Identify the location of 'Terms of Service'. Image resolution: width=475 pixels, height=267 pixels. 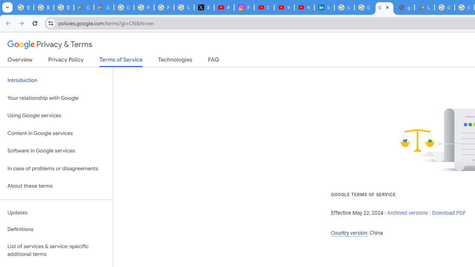
(121, 61).